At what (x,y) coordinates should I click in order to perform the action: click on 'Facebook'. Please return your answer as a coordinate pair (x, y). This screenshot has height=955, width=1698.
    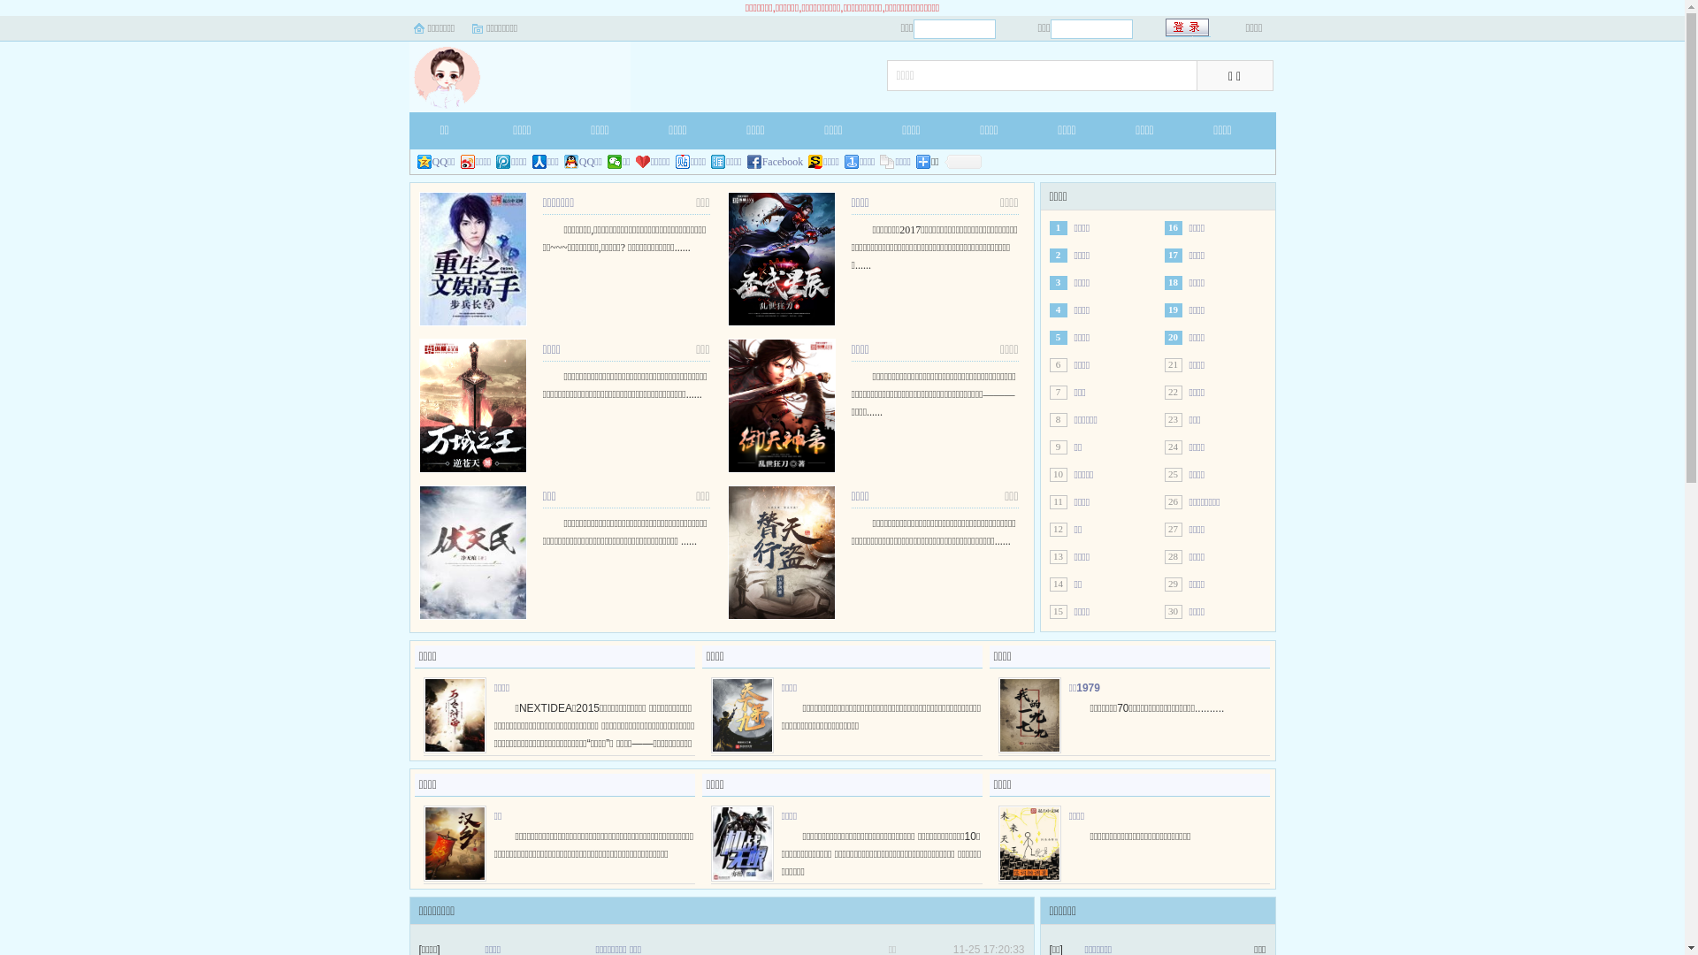
    Looking at the image, I should click on (746, 161).